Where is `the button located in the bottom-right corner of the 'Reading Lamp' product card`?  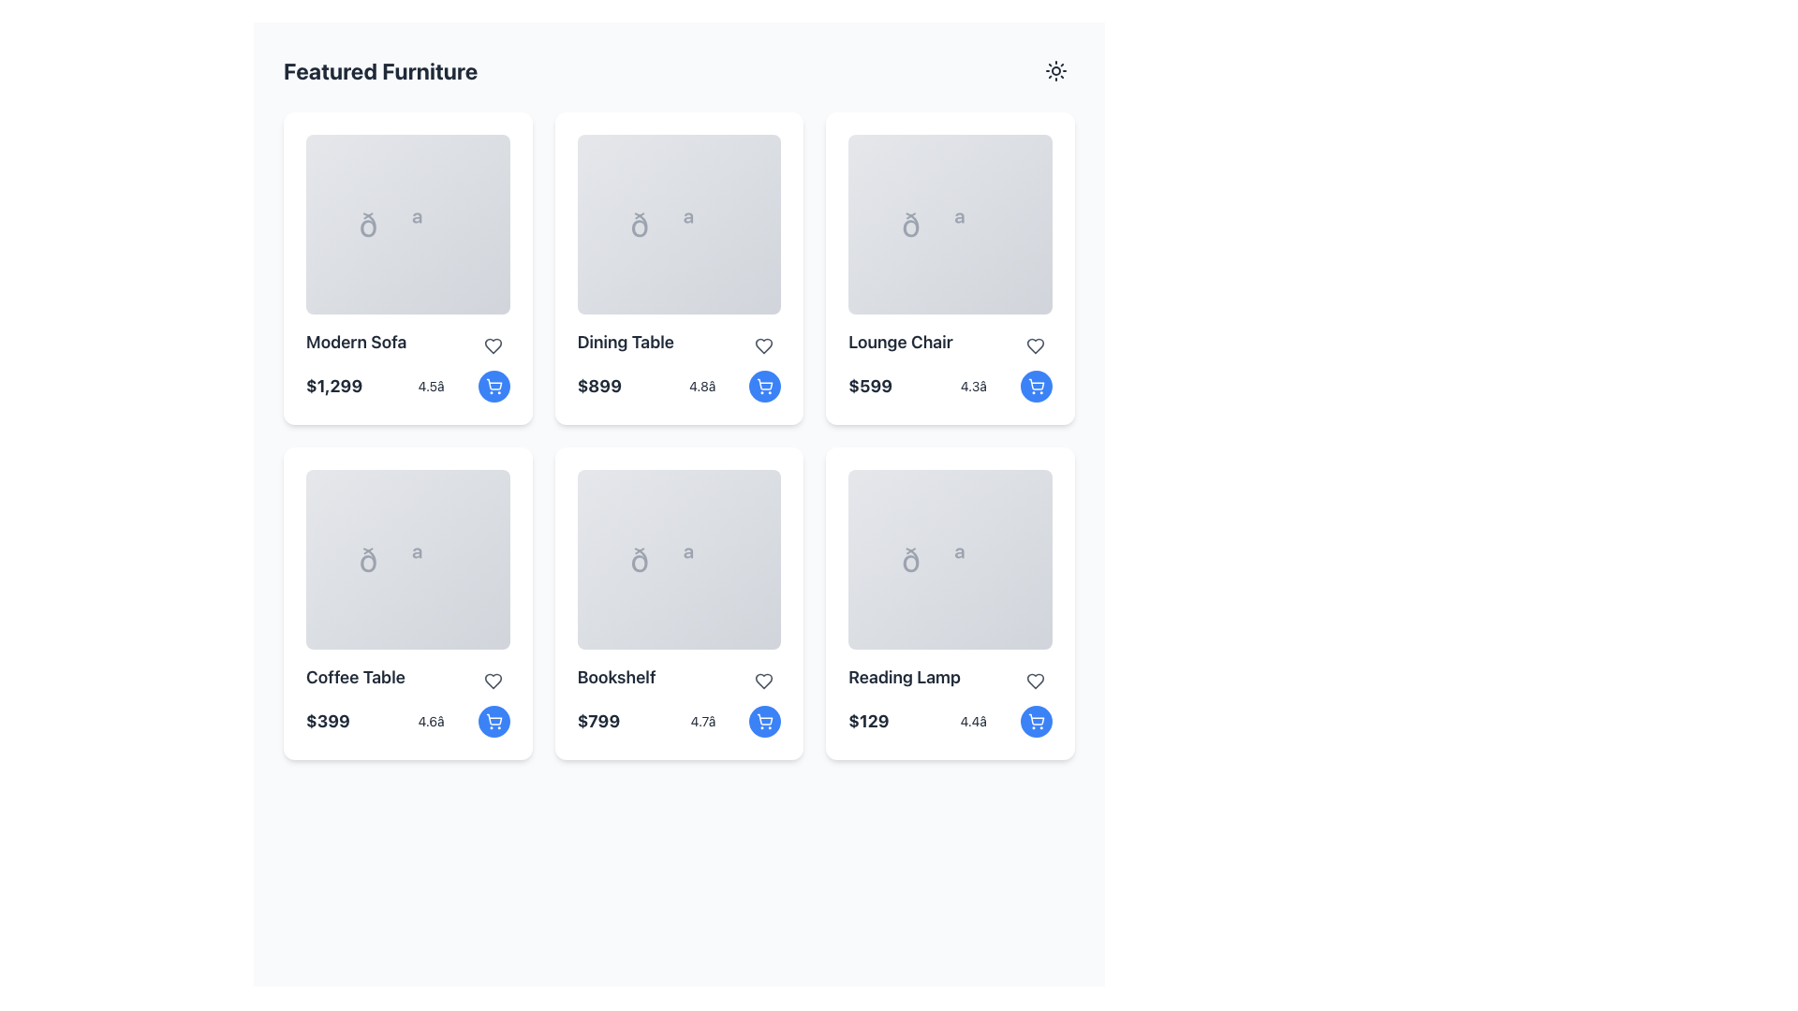 the button located in the bottom-right corner of the 'Reading Lamp' product card is located at coordinates (1036, 721).